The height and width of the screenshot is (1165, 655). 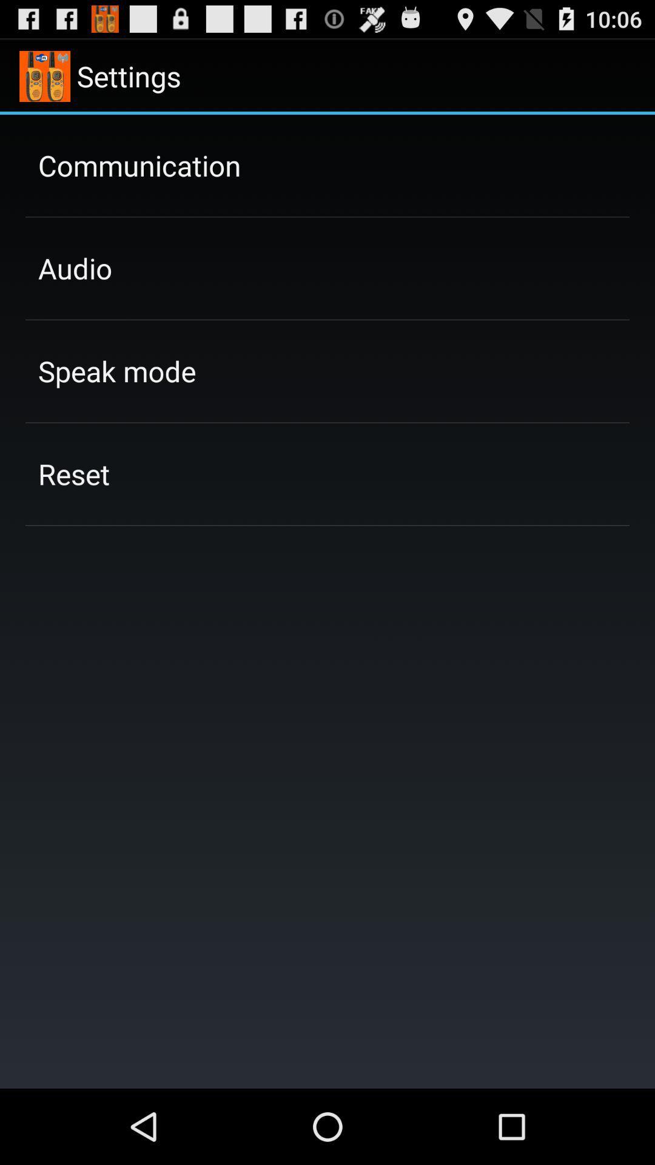 What do you see at coordinates (117, 370) in the screenshot?
I see `item above the reset` at bounding box center [117, 370].